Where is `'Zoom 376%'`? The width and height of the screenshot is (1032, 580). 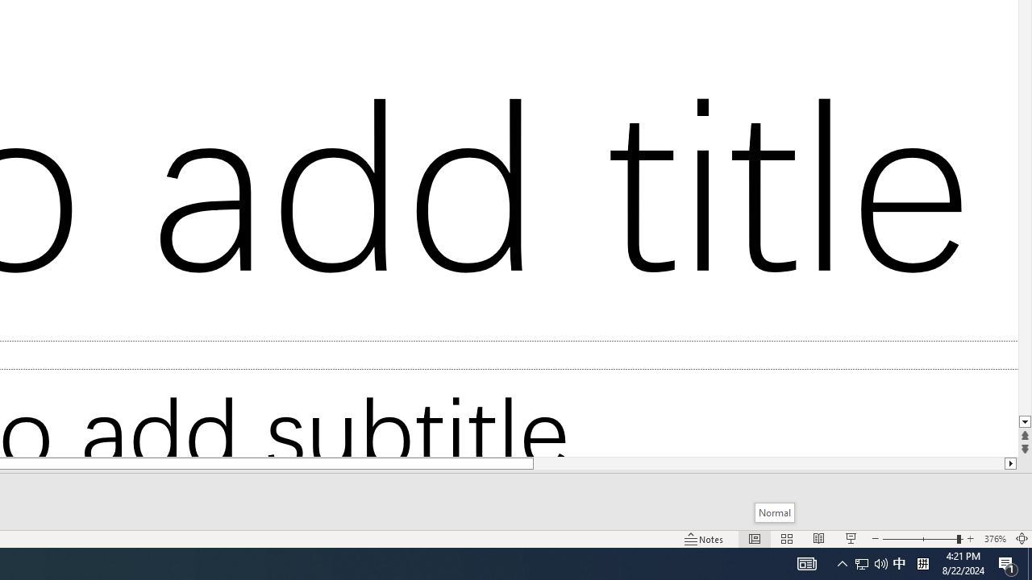 'Zoom 376%' is located at coordinates (994, 539).